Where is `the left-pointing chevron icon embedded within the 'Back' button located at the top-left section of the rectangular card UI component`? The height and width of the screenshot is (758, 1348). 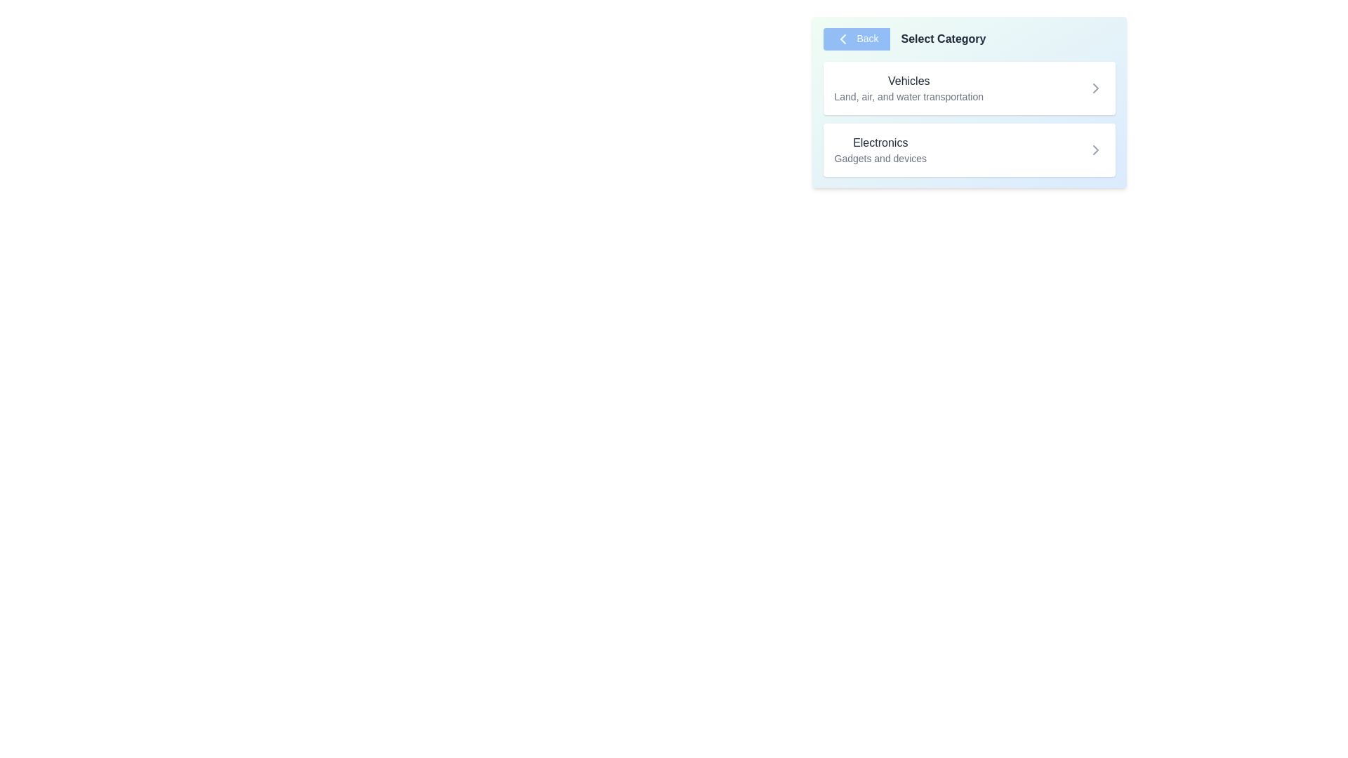
the left-pointing chevron icon embedded within the 'Back' button located at the top-left section of the rectangular card UI component is located at coordinates (842, 39).